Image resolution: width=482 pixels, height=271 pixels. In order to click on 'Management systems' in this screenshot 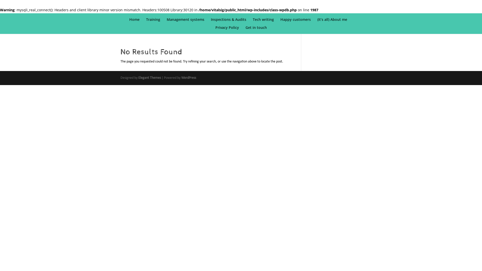, I will do `click(166, 22)`.